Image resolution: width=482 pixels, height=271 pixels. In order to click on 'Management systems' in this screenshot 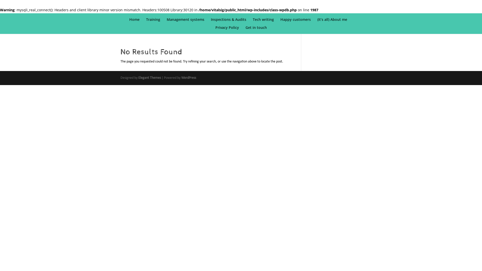, I will do `click(166, 22)`.